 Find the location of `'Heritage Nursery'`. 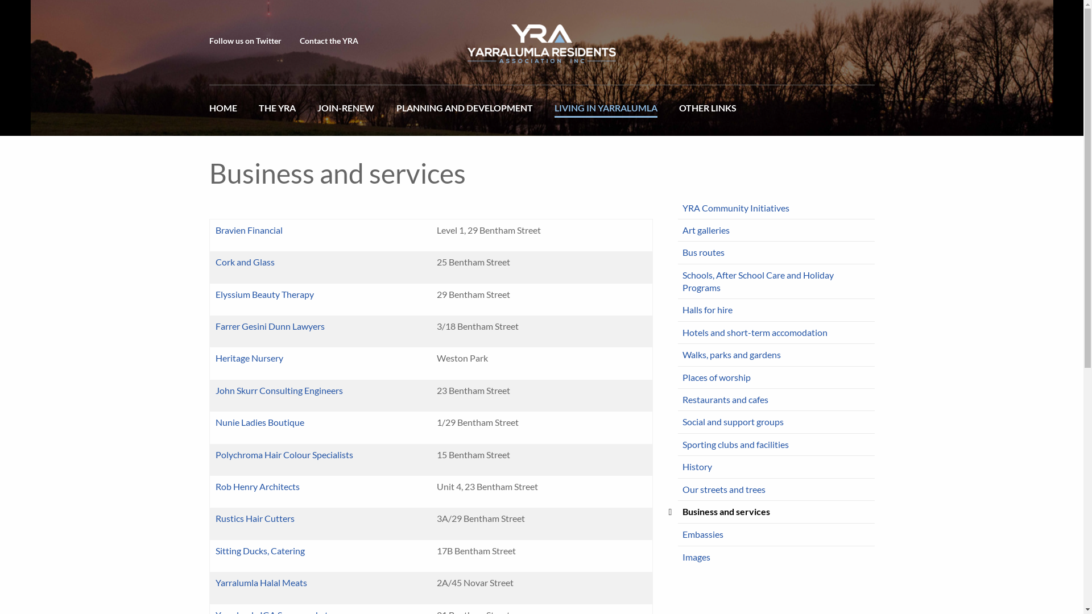

'Heritage Nursery' is located at coordinates (248, 357).